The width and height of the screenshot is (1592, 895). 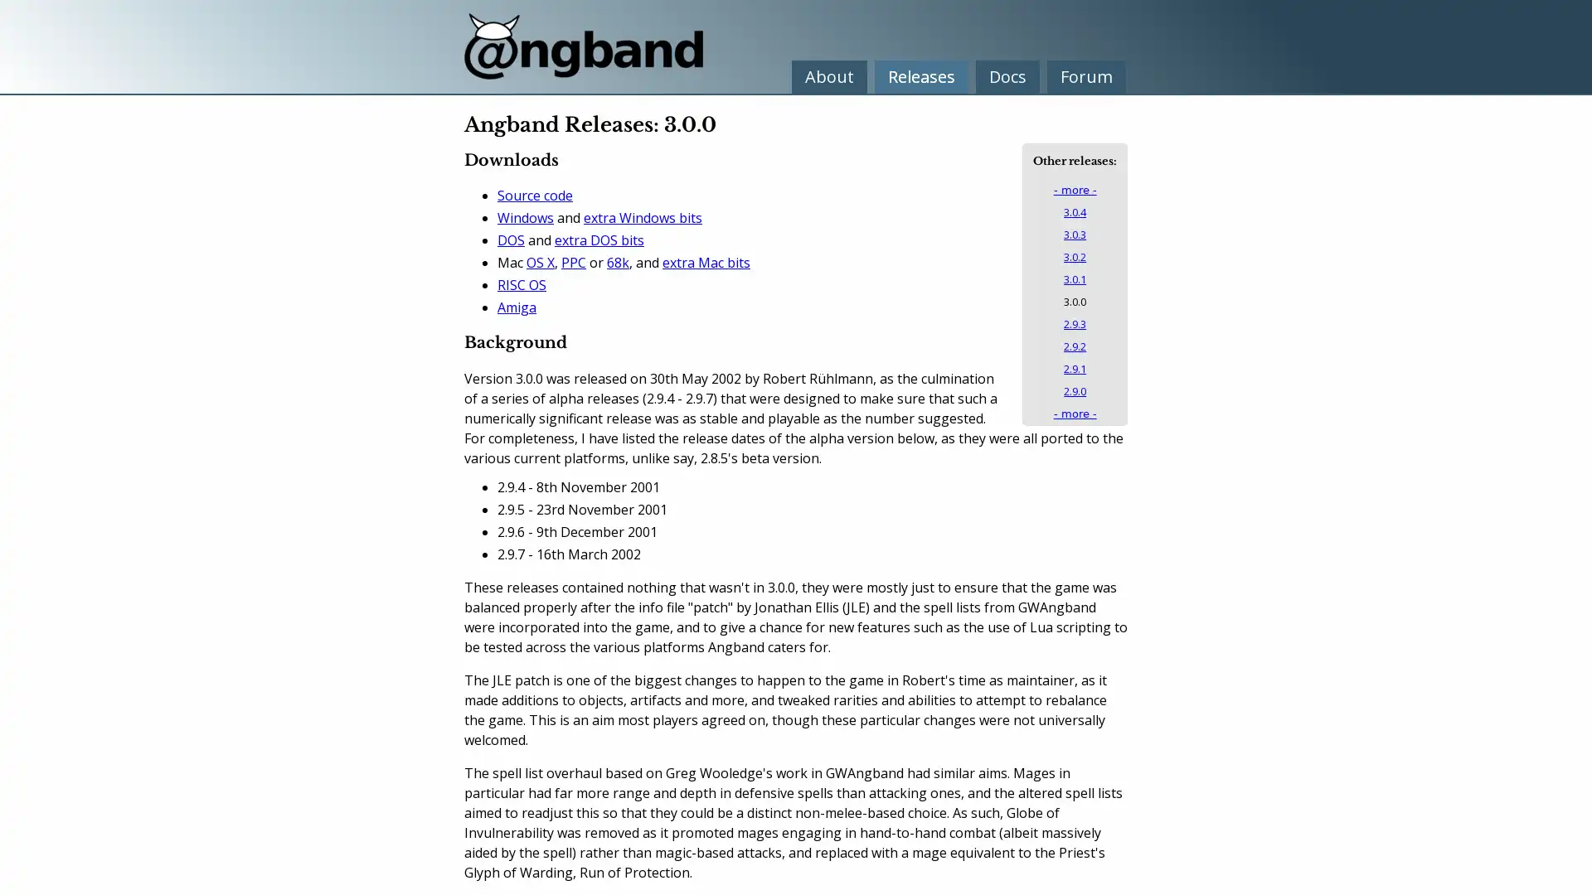 What do you see at coordinates (1075, 189) in the screenshot?
I see `- more -` at bounding box center [1075, 189].